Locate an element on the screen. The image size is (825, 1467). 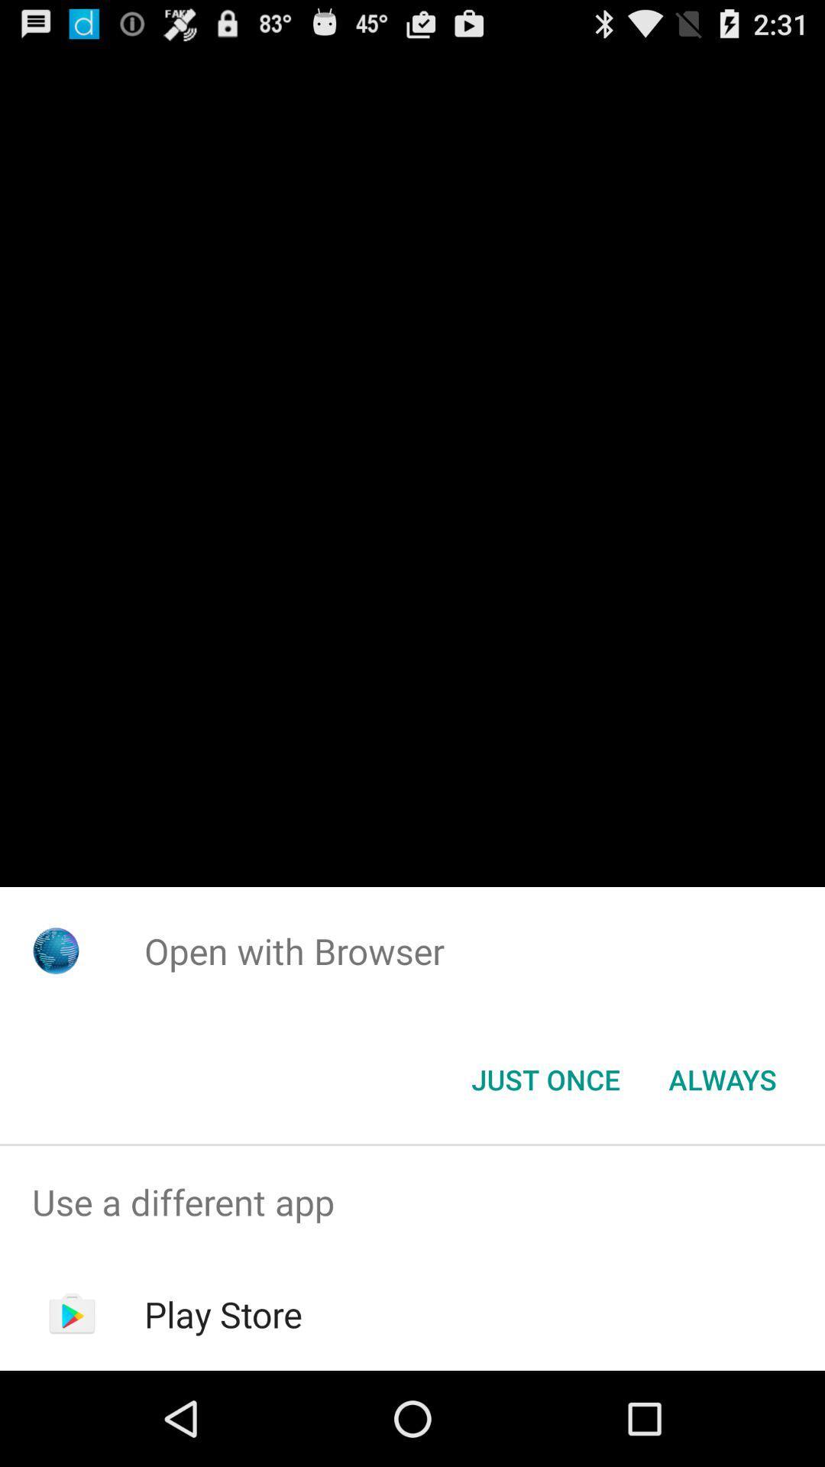
app below open with browser item is located at coordinates (545, 1078).